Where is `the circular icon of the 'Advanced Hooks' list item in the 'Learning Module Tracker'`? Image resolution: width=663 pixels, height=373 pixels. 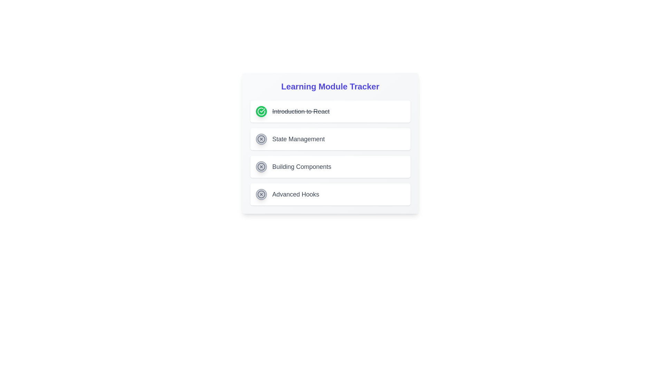 the circular icon of the 'Advanced Hooks' list item in the 'Learning Module Tracker' is located at coordinates (287, 194).